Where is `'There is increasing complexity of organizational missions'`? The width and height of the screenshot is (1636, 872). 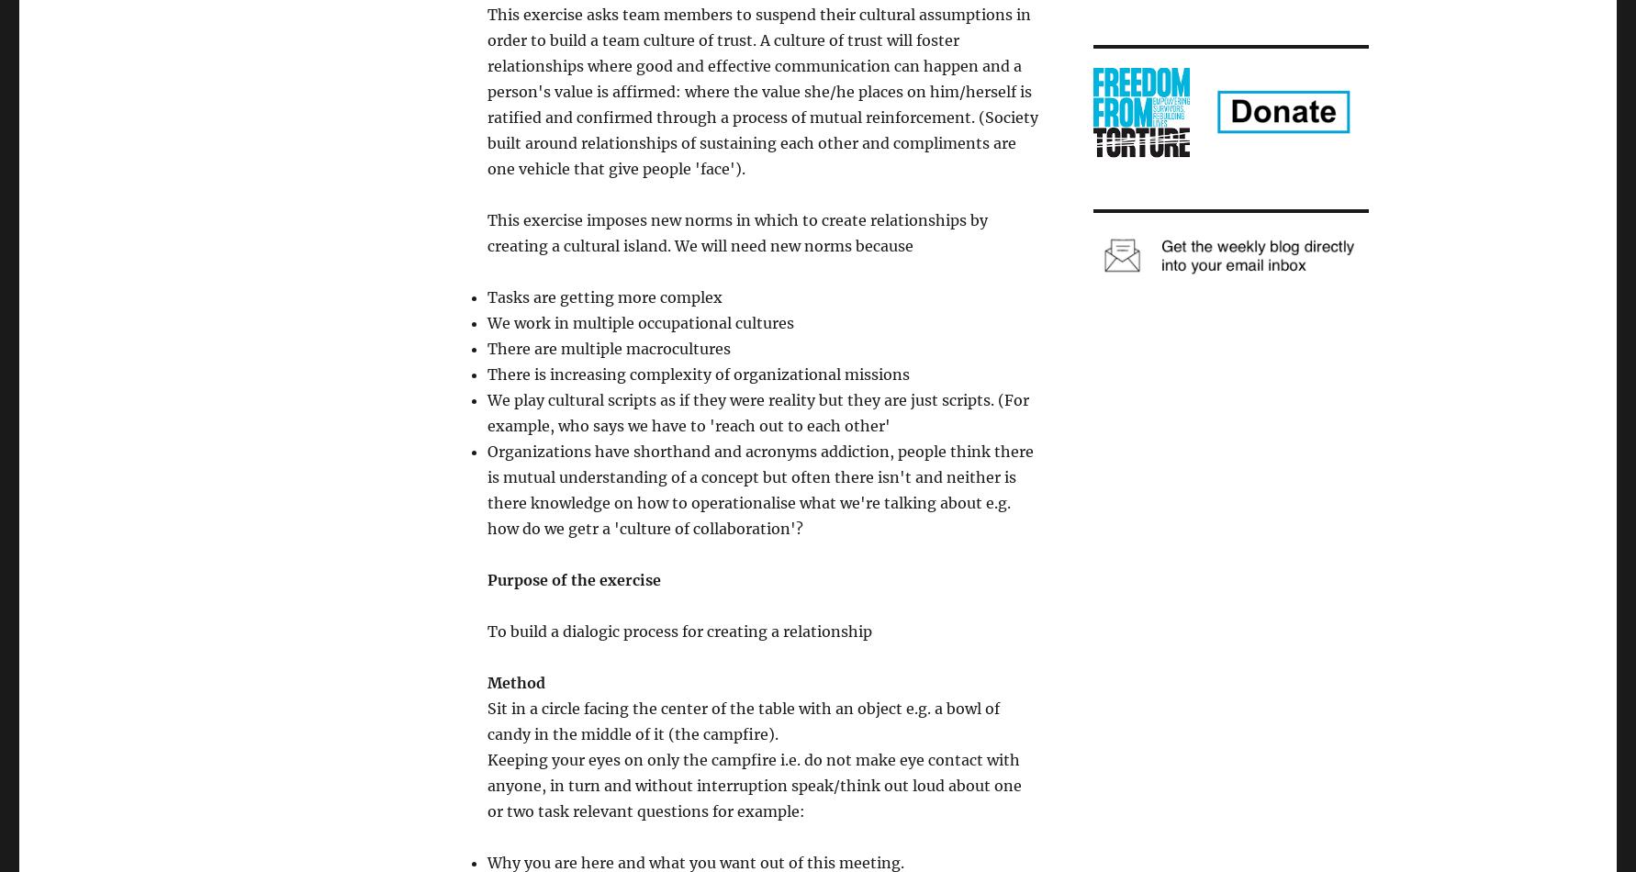
'There is increasing complexity of organizational missions' is located at coordinates (487, 374).